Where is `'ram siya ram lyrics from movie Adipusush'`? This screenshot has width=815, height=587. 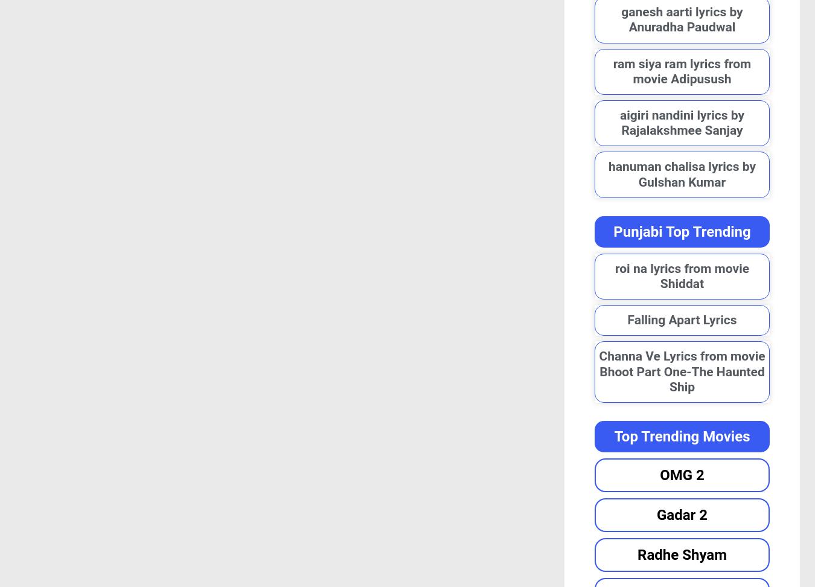 'ram siya ram lyrics from movie Adipusush' is located at coordinates (681, 70).